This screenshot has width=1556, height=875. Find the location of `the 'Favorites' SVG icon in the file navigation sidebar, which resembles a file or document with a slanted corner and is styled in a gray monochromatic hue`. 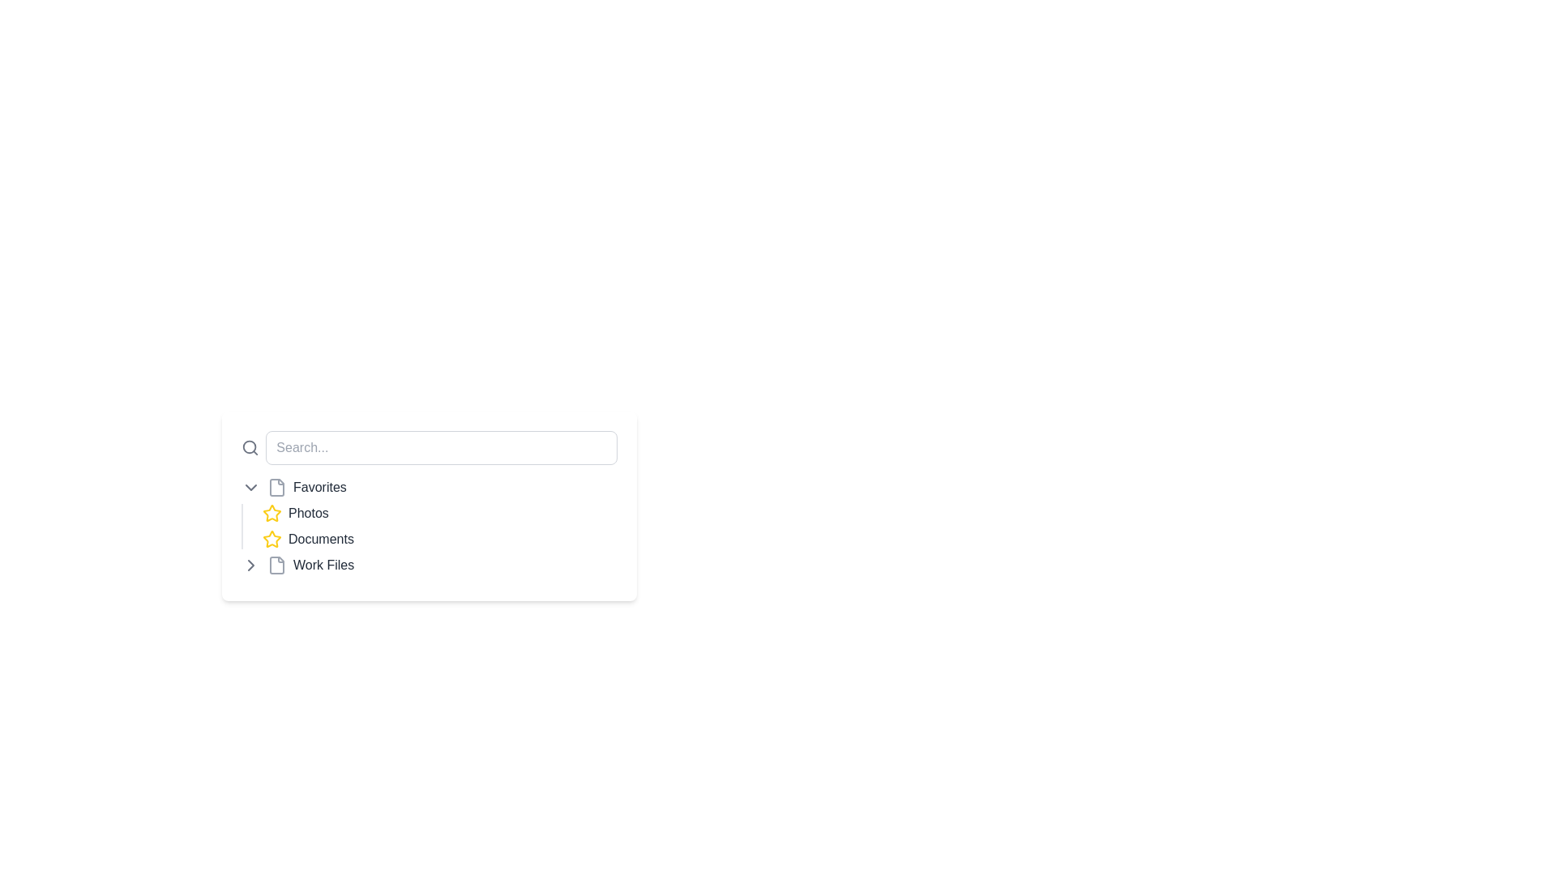

the 'Favorites' SVG icon in the file navigation sidebar, which resembles a file or document with a slanted corner and is styled in a gray monochromatic hue is located at coordinates (276, 486).